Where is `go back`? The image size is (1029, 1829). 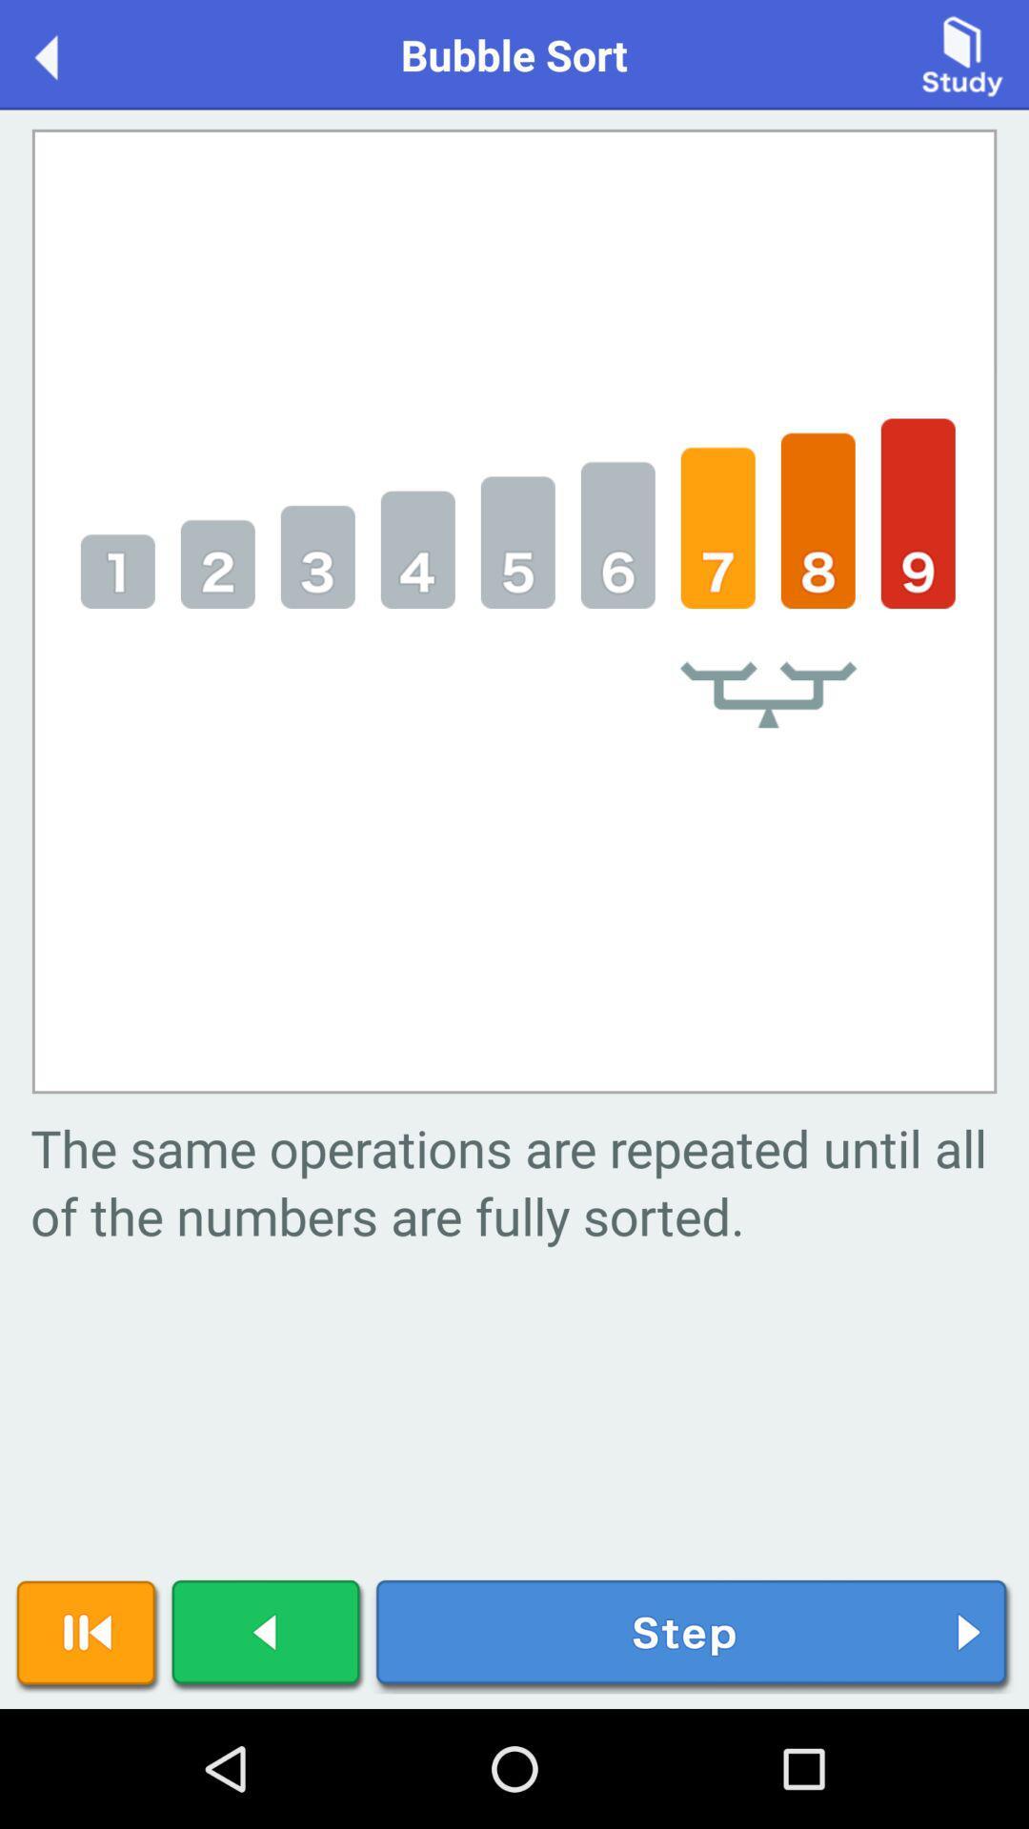 go back is located at coordinates (268, 1635).